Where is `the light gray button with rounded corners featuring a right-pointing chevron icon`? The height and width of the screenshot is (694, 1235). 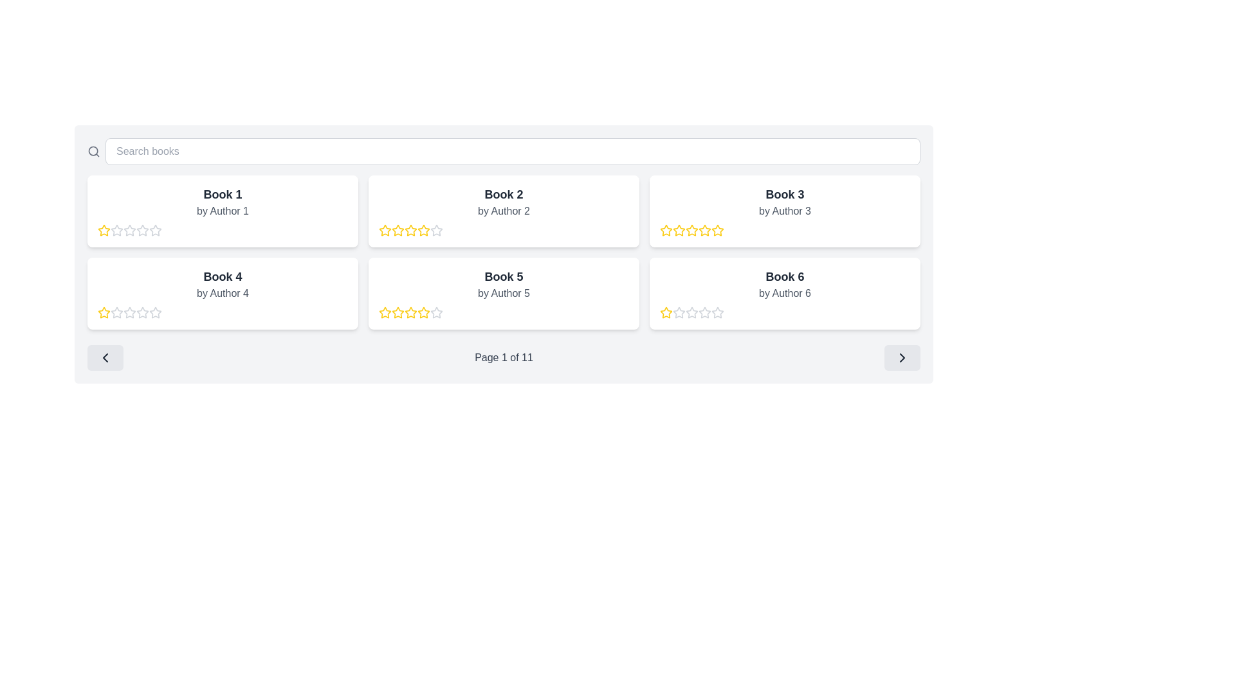 the light gray button with rounded corners featuring a right-pointing chevron icon is located at coordinates (901, 357).